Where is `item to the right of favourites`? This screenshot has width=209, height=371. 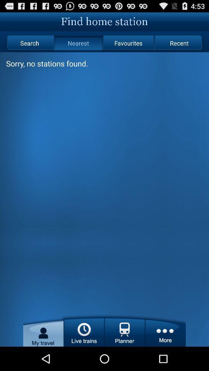
item to the right of favourites is located at coordinates (179, 43).